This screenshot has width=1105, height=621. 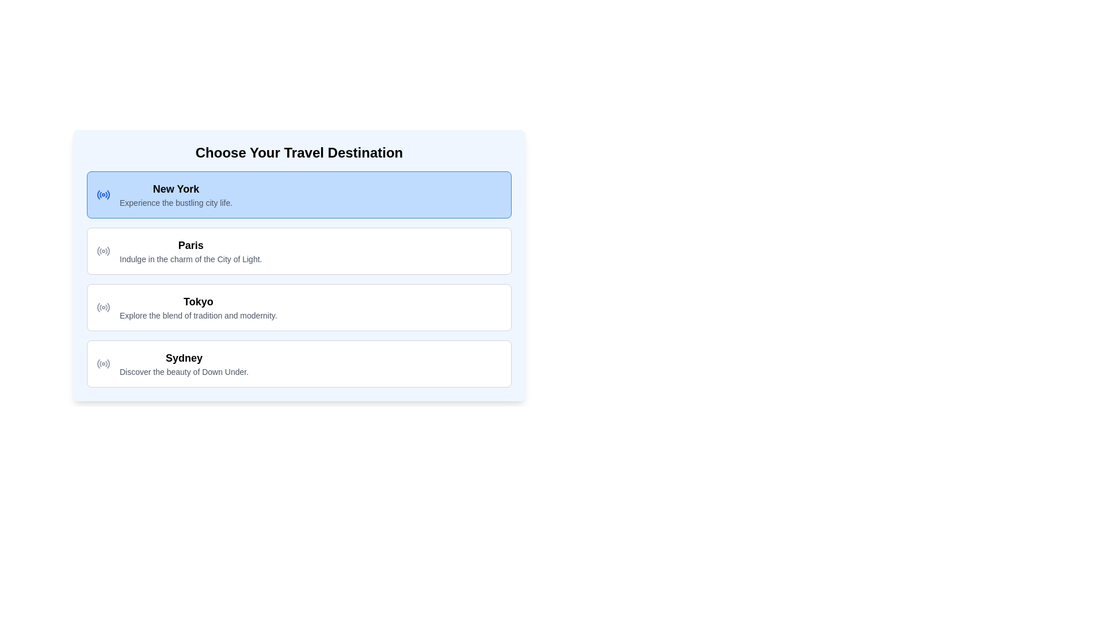 What do you see at coordinates (176, 202) in the screenshot?
I see `text label providing a brief description of the travel destination located below 'New York'` at bounding box center [176, 202].